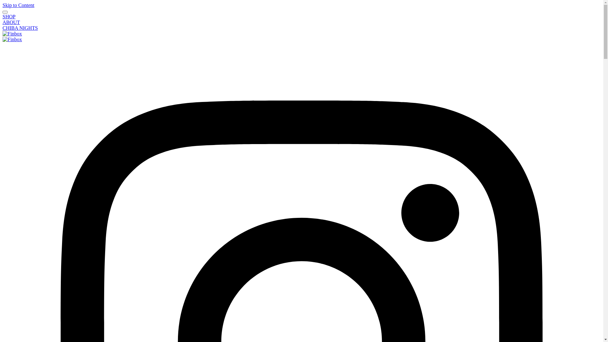 This screenshot has height=342, width=608. Describe the element at coordinates (3, 22) in the screenshot. I see `'ABOUT'` at that location.